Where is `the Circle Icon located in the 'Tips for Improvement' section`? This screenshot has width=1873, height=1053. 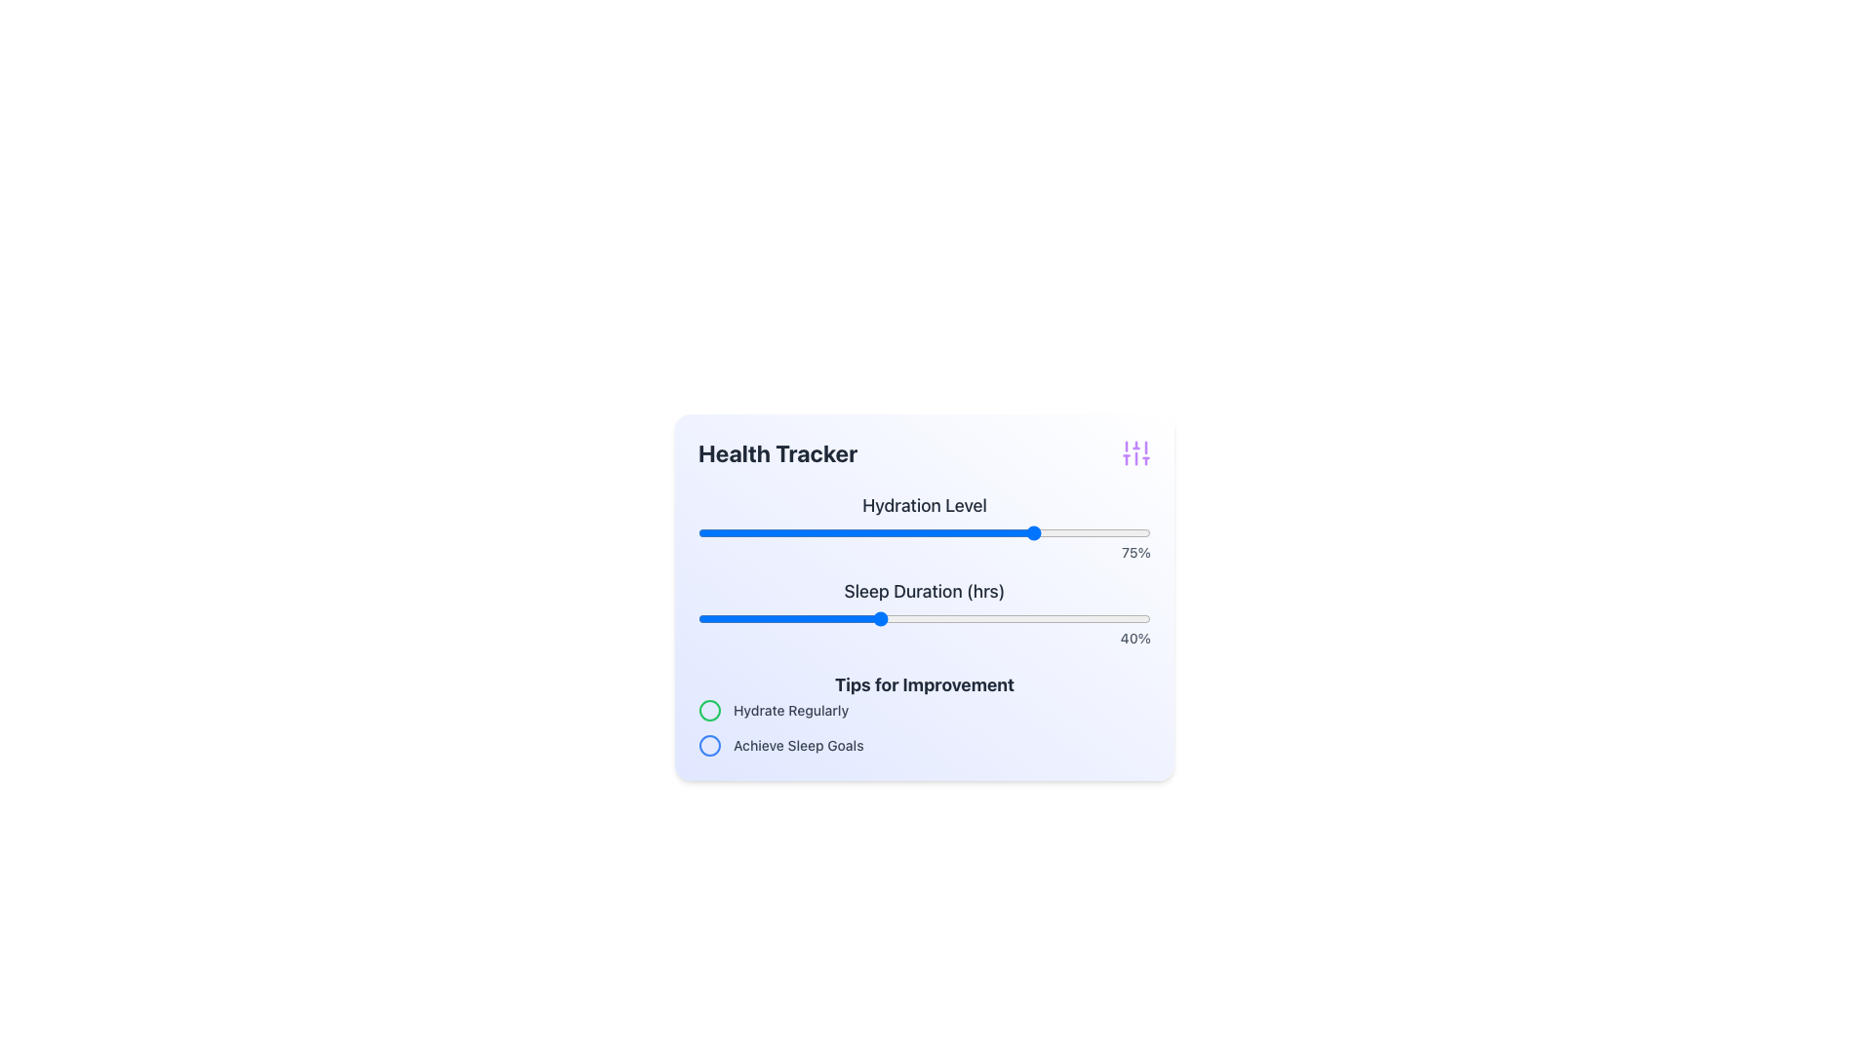 the Circle Icon located in the 'Tips for Improvement' section is located at coordinates (709, 711).